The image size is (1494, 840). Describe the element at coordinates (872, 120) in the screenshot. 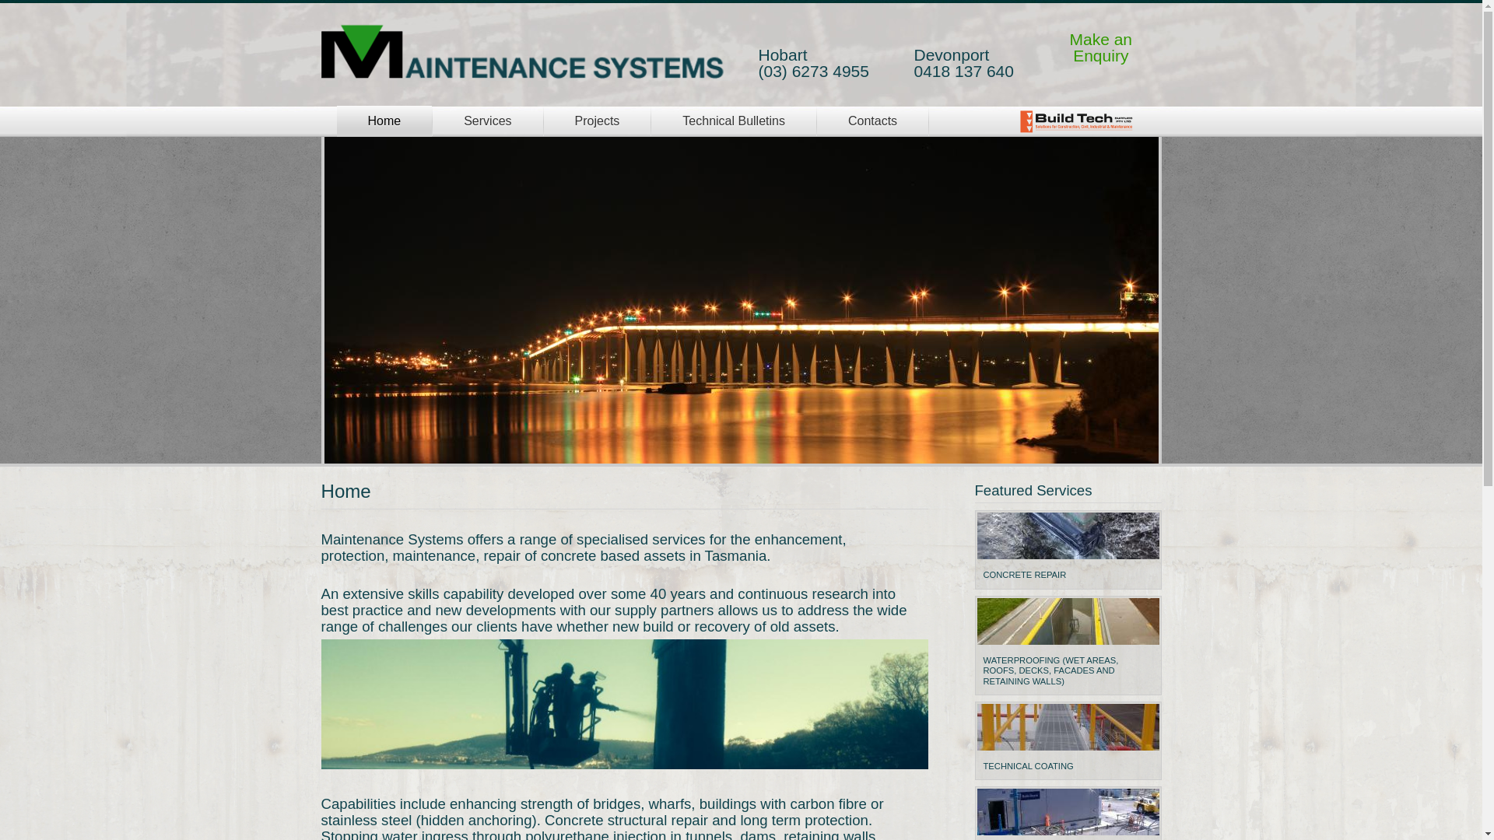

I see `'Contacts'` at that location.